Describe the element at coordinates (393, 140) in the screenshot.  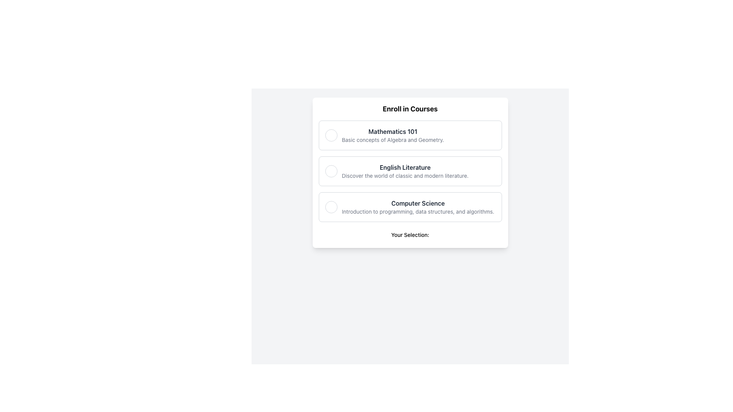
I see `the supplementary information text label for the 'Mathematics 101' course, which is located directly beneath the course heading in the course selection interface` at that location.